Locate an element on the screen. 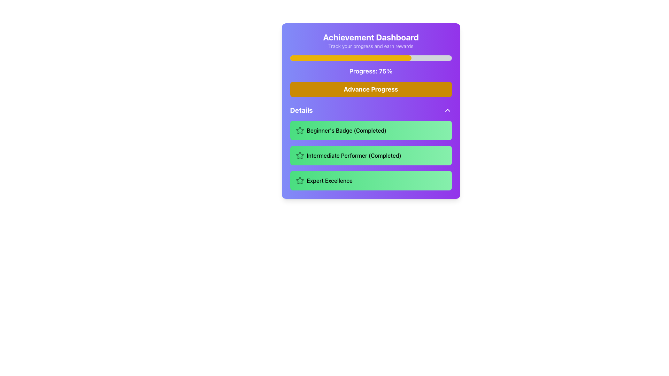 This screenshot has height=376, width=669. the 'Beginner's Badge' achievement text label located at the topmost part of the green gradient box under the 'Details' header is located at coordinates (370, 130).